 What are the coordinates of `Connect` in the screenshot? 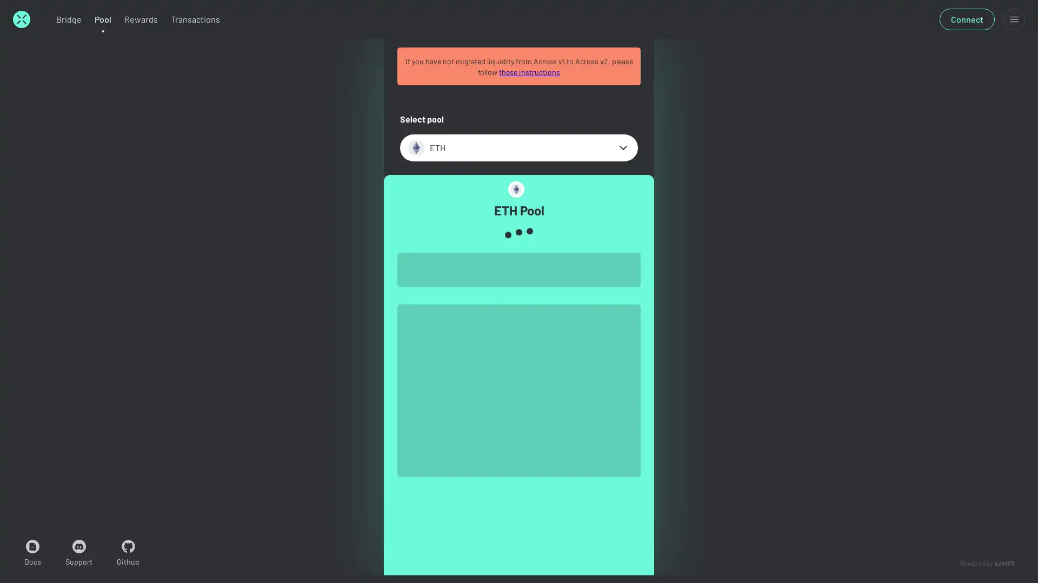 It's located at (967, 19).